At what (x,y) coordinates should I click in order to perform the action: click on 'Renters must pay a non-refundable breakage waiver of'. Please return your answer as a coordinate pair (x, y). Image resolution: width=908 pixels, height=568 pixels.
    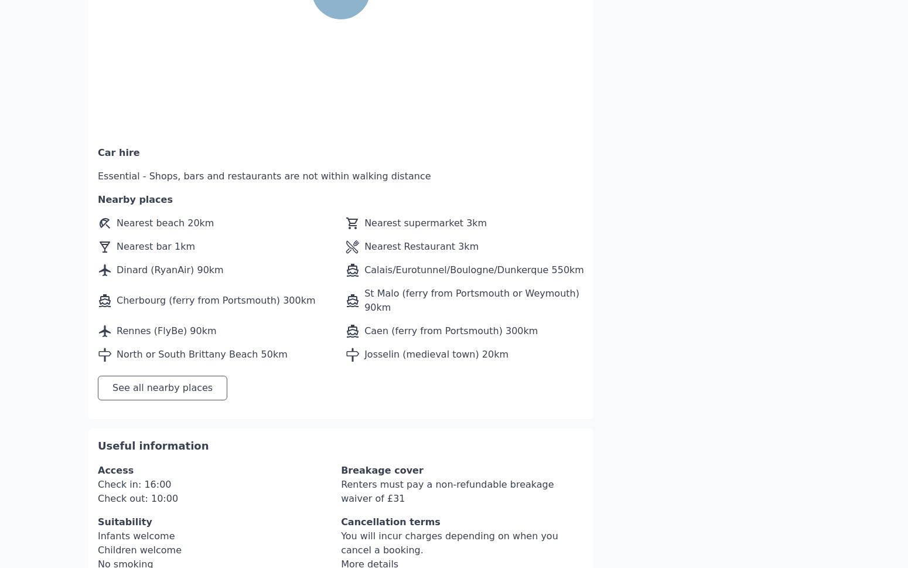
    Looking at the image, I should click on (447, 455).